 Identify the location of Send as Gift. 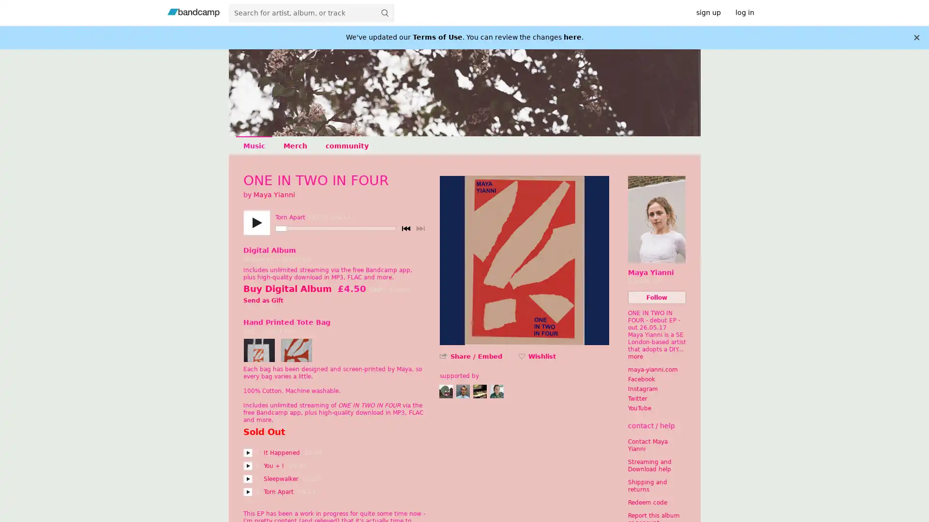
(263, 301).